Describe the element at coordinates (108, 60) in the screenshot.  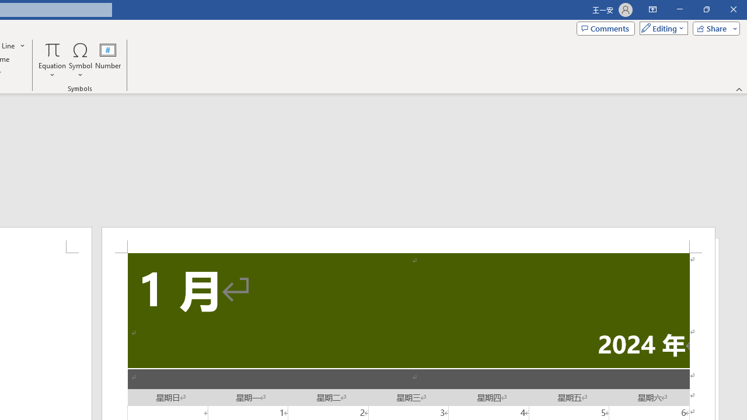
I see `'Number...'` at that location.